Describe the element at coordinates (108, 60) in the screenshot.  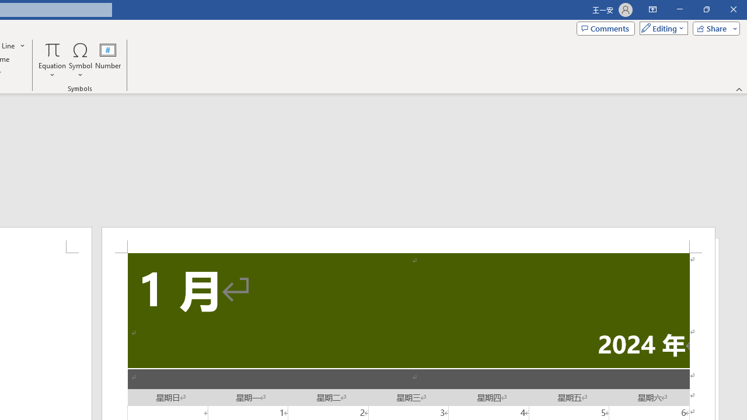
I see `'Number...'` at that location.